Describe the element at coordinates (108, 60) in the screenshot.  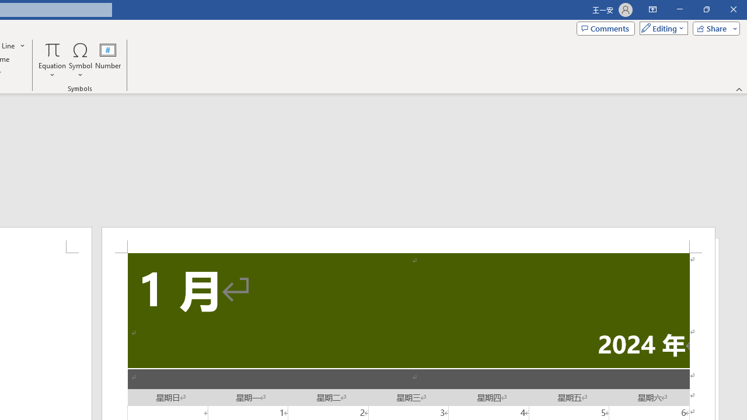
I see `'Number...'` at that location.